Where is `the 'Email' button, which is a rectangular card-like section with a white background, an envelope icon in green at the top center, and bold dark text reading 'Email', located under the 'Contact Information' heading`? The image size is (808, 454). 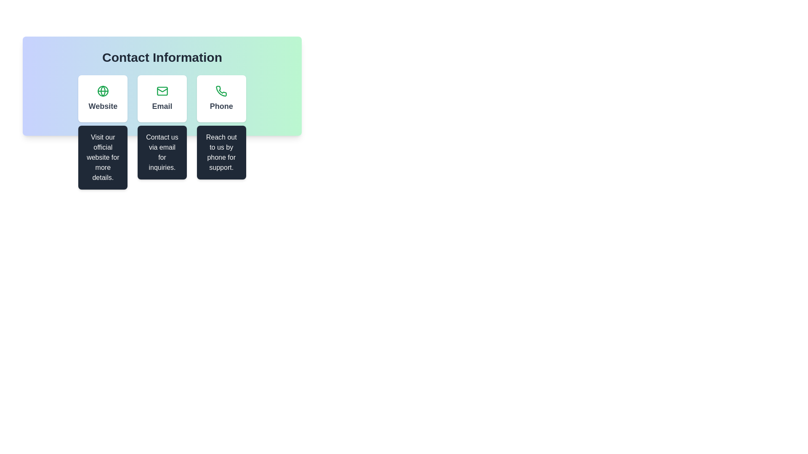 the 'Email' button, which is a rectangular card-like section with a white background, an envelope icon in green at the top center, and bold dark text reading 'Email', located under the 'Contact Information' heading is located at coordinates (162, 98).